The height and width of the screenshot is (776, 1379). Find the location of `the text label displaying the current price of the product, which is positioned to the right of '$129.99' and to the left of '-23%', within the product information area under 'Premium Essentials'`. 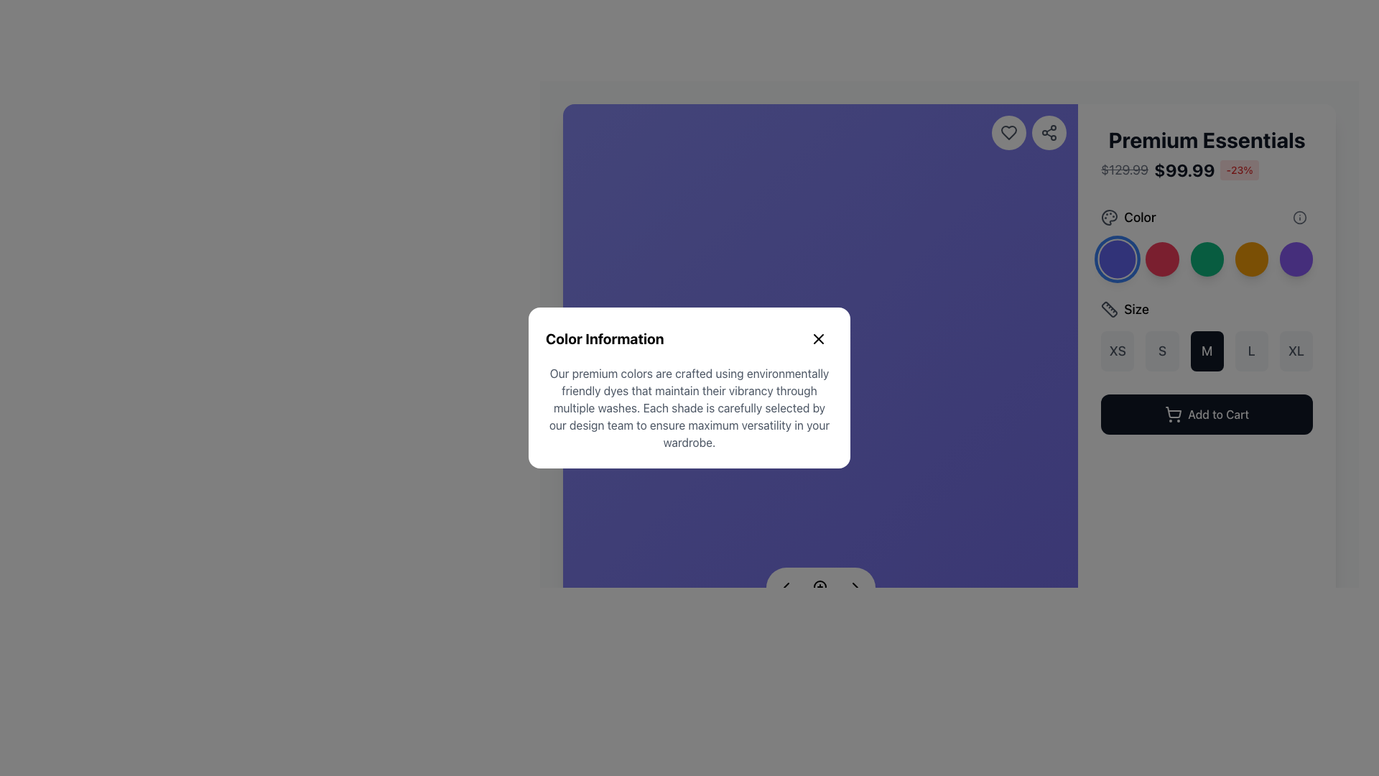

the text label displaying the current price of the product, which is positioned to the right of '$129.99' and to the left of '-23%', within the product information area under 'Premium Essentials' is located at coordinates (1184, 169).